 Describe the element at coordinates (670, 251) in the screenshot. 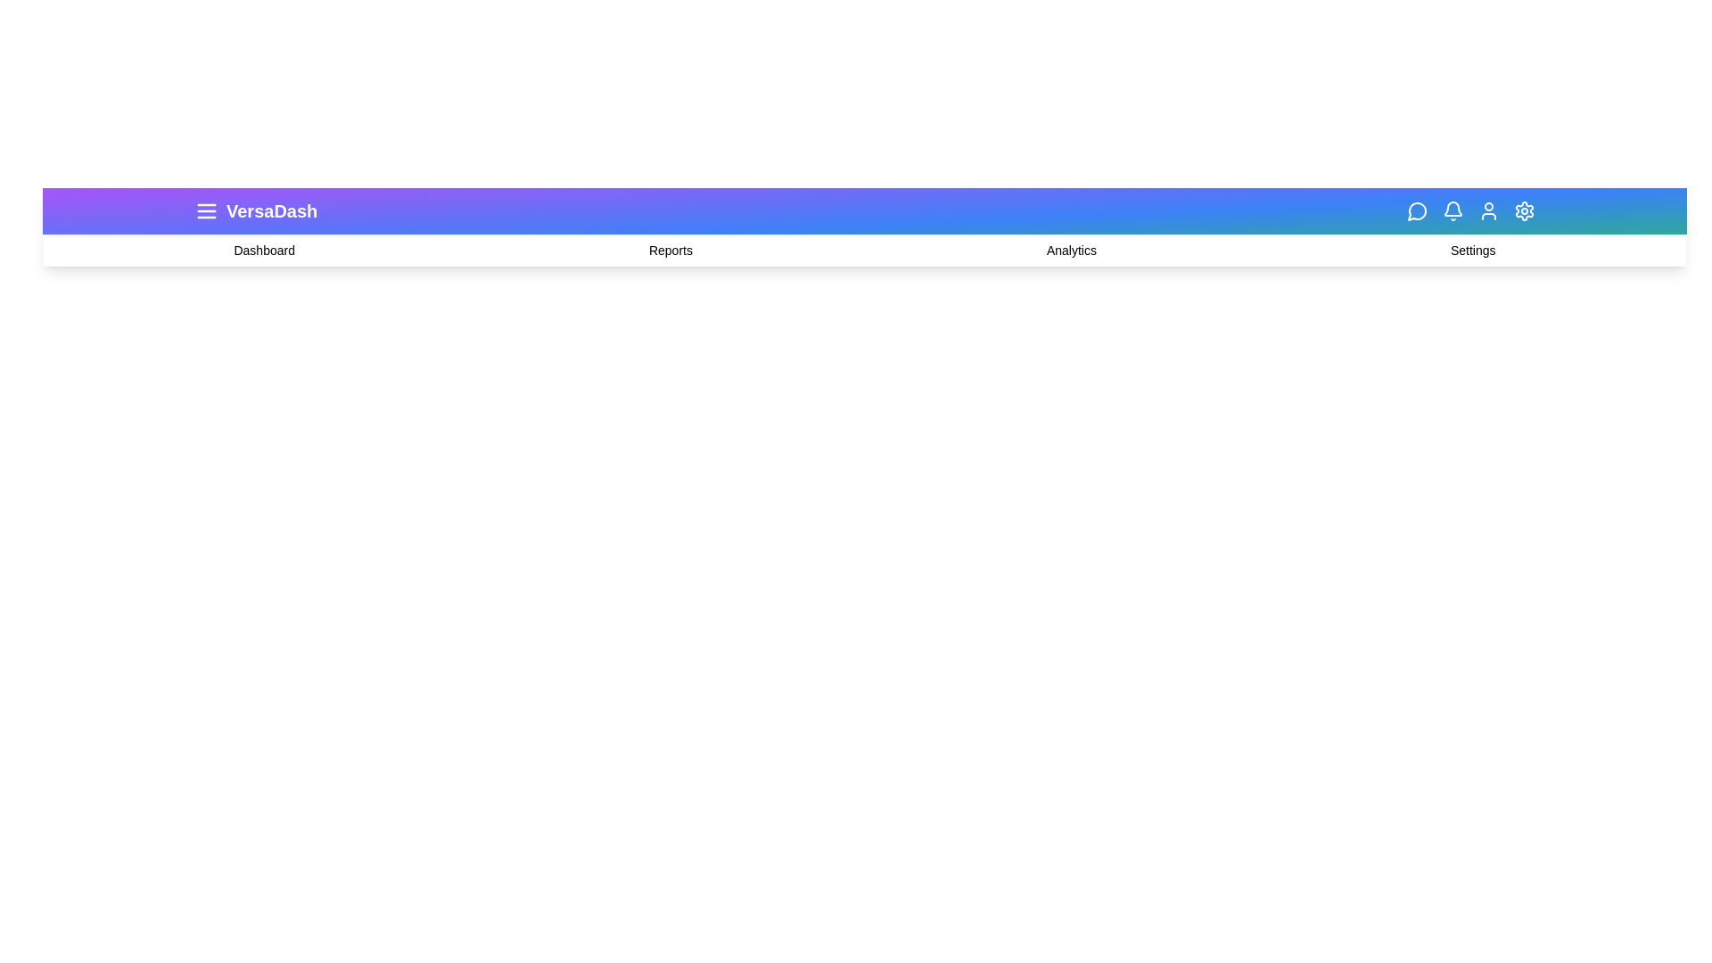

I see `the 'Reports' label in the navigation bar to navigate to the 'Reports' section` at that location.